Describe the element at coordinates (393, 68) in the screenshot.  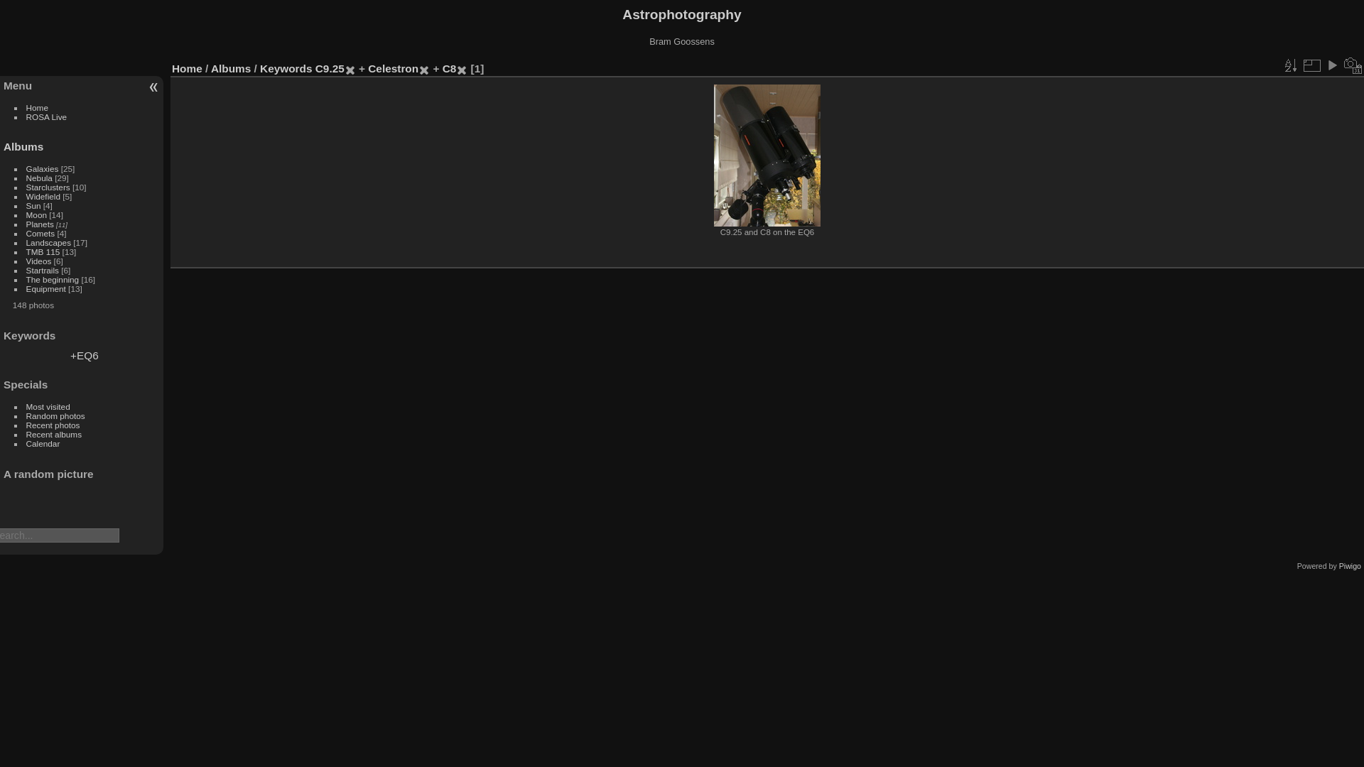
I see `'Celestron'` at that location.